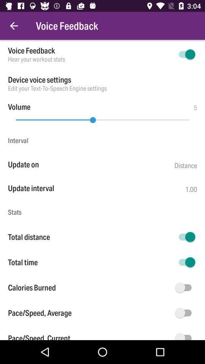  Describe the element at coordinates (19, 106) in the screenshot. I see `the volume item` at that location.